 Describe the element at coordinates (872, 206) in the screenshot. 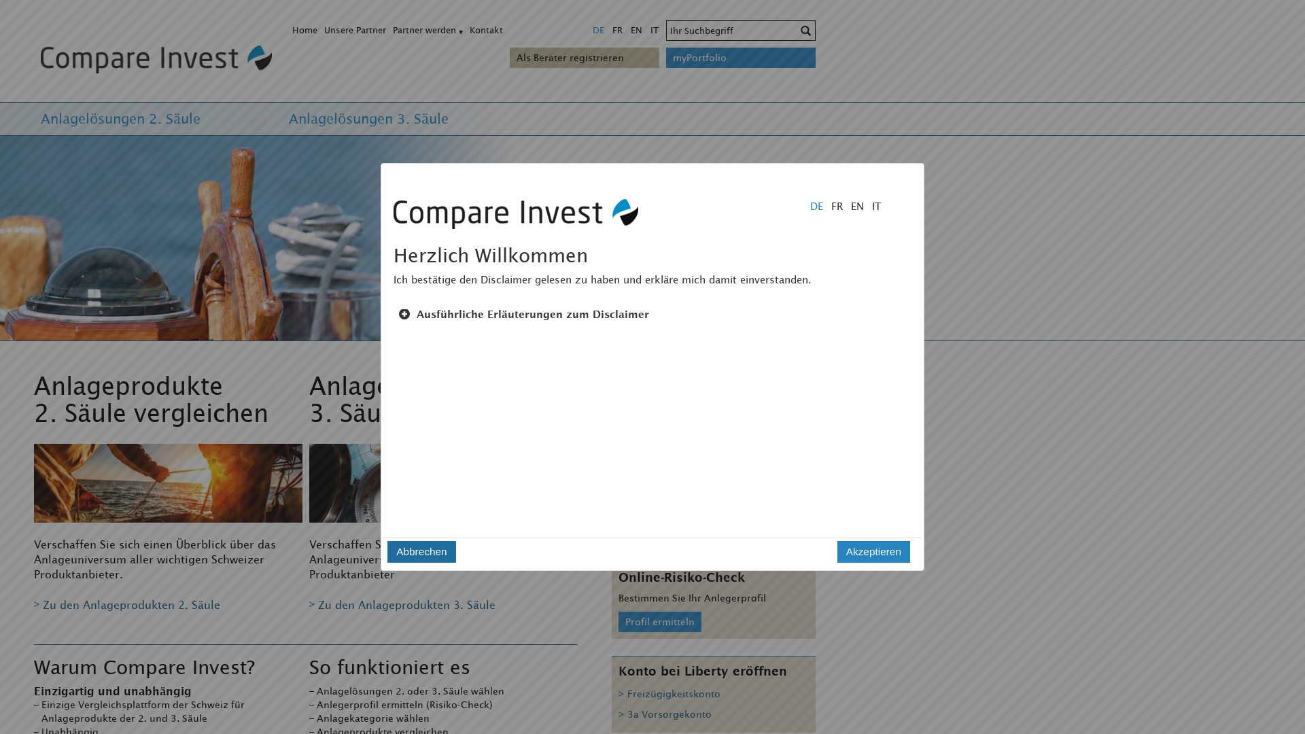

I see `'IT'` at that location.